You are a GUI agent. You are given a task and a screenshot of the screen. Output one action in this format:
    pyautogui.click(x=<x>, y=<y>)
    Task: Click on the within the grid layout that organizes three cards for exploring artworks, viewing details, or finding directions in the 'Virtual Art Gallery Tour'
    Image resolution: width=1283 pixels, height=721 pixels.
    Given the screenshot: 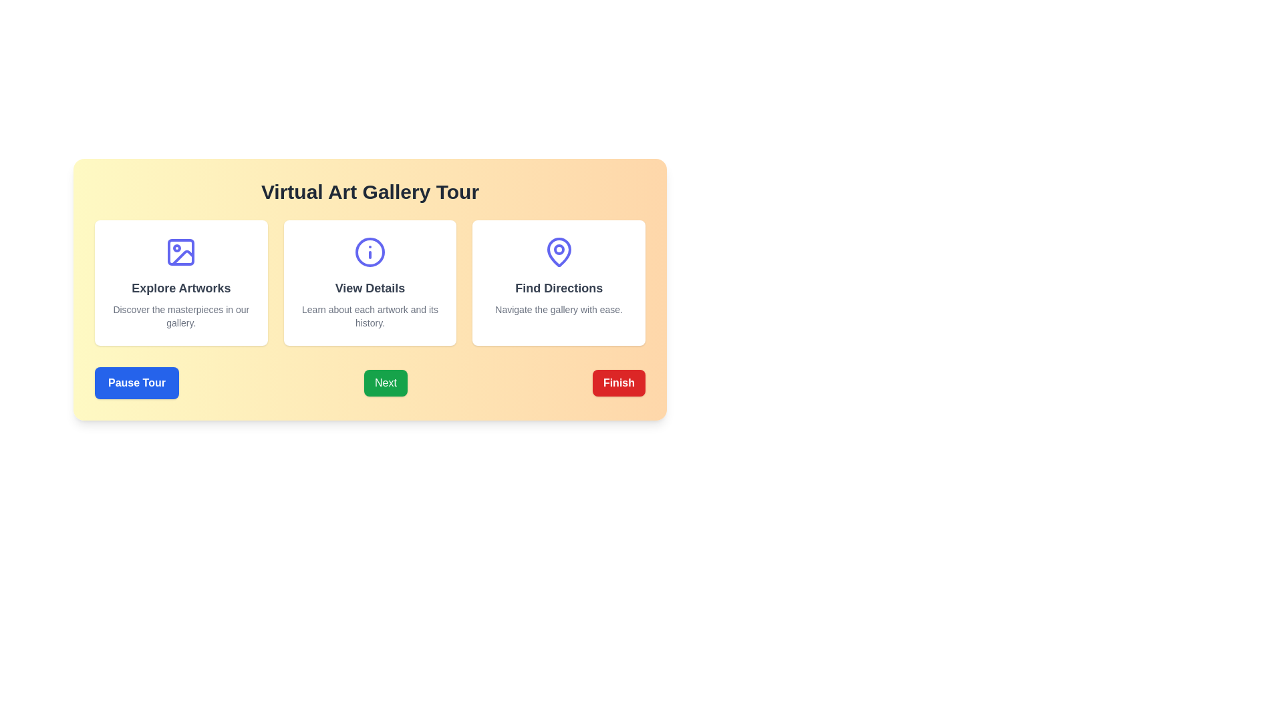 What is the action you would take?
    pyautogui.click(x=370, y=282)
    